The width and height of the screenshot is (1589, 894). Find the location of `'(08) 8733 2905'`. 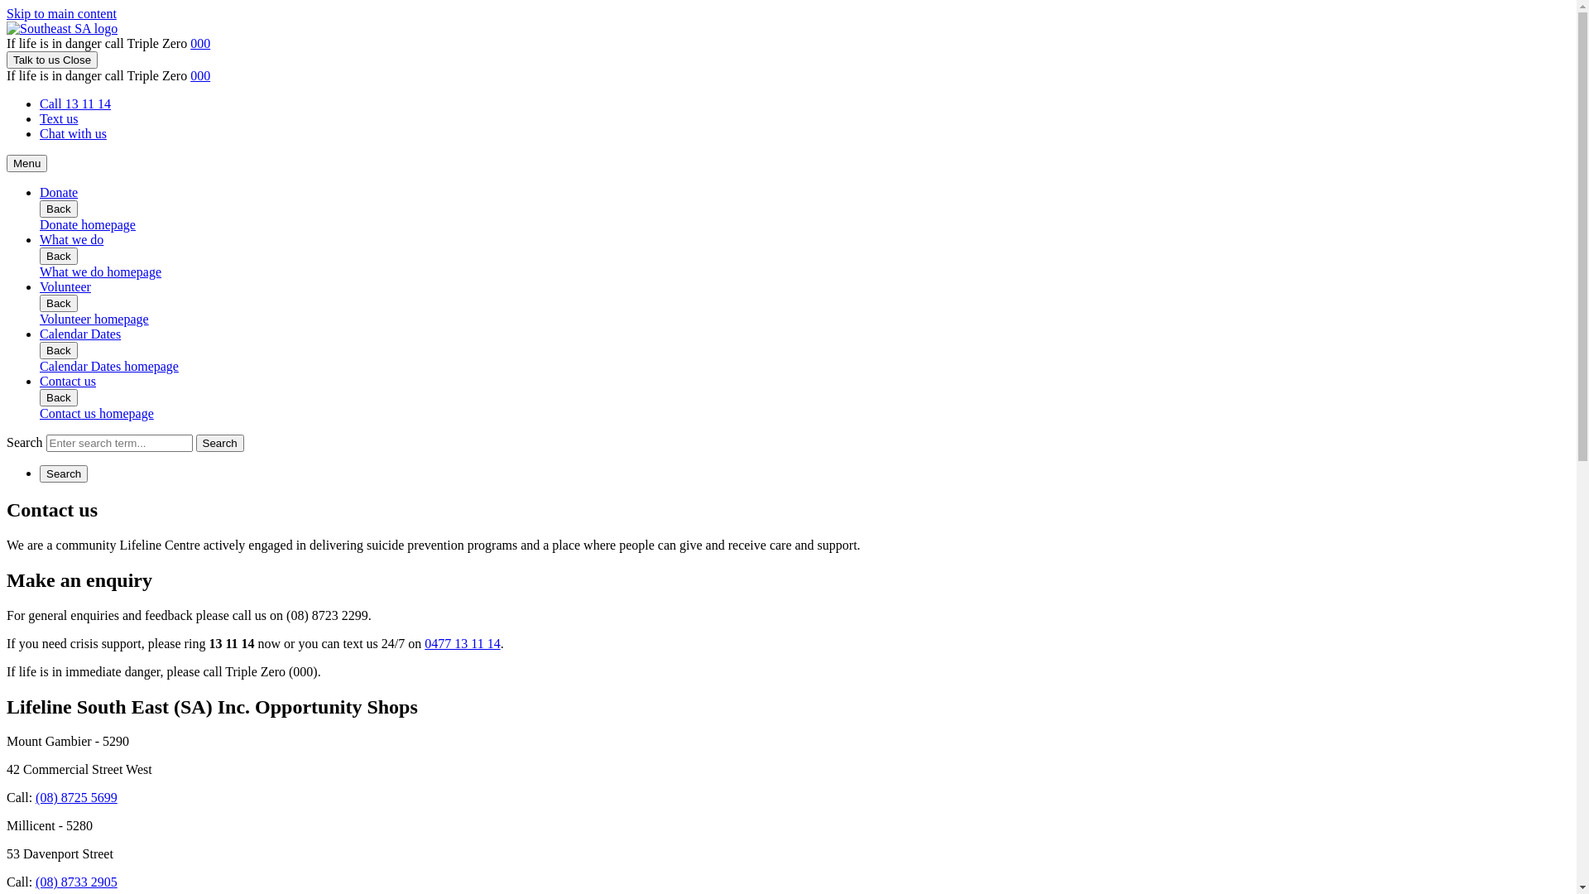

'(08) 8733 2905' is located at coordinates (75, 881).